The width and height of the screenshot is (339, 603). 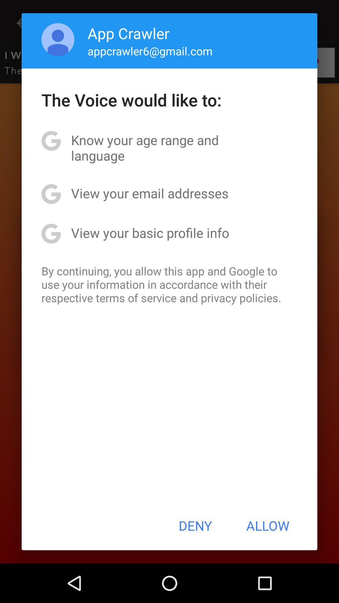 What do you see at coordinates (195, 525) in the screenshot?
I see `the icon to the left of allow item` at bounding box center [195, 525].